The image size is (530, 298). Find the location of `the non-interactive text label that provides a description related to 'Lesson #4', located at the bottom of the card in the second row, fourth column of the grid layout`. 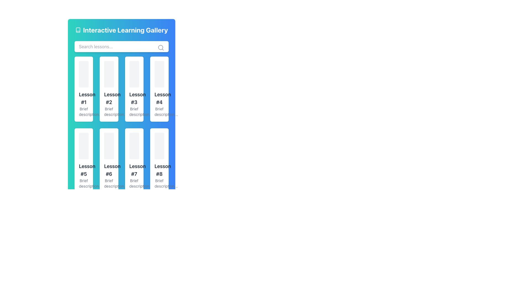

the non-interactive text label that provides a description related to 'Lesson #4', located at the bottom of the card in the second row, fourth column of the grid layout is located at coordinates (159, 112).